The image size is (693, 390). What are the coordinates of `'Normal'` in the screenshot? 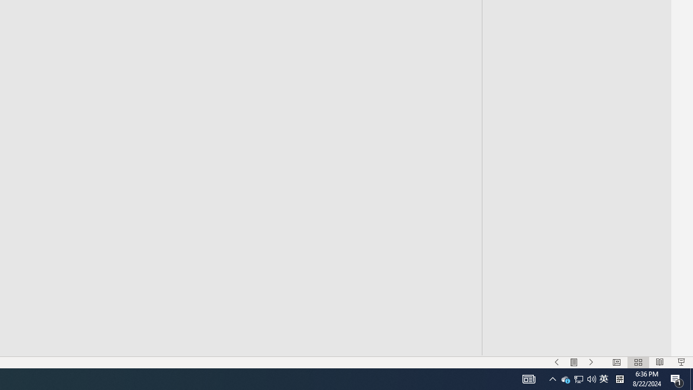 It's located at (616, 362).